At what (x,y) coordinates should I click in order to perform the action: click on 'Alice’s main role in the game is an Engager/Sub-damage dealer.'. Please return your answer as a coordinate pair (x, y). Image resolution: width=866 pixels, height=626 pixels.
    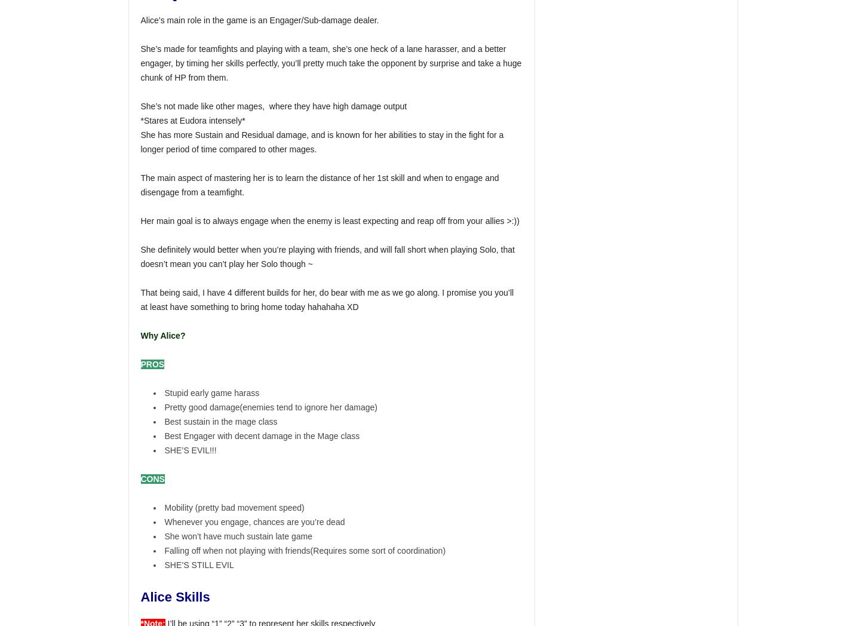
    Looking at the image, I should click on (259, 19).